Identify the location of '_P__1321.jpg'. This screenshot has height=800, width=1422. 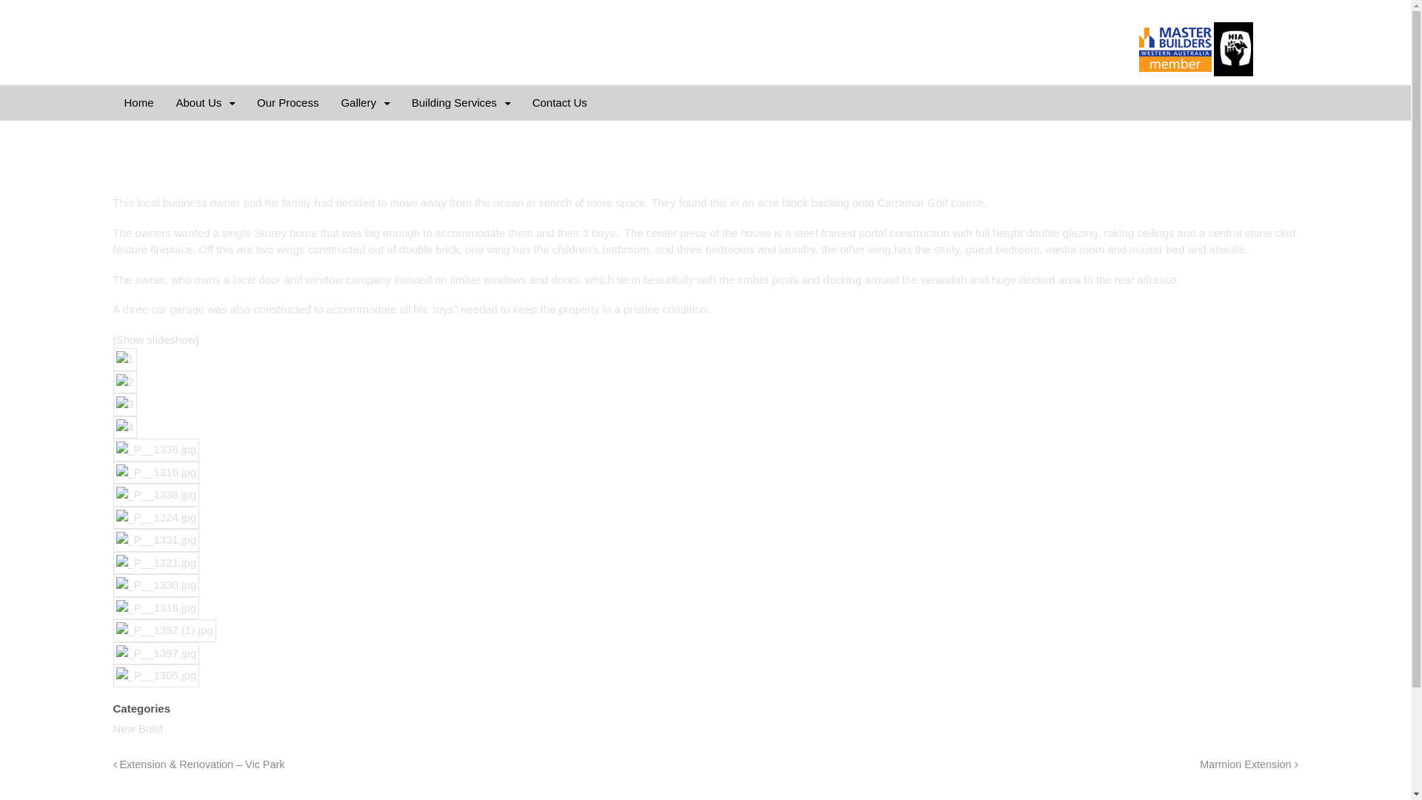
(156, 562).